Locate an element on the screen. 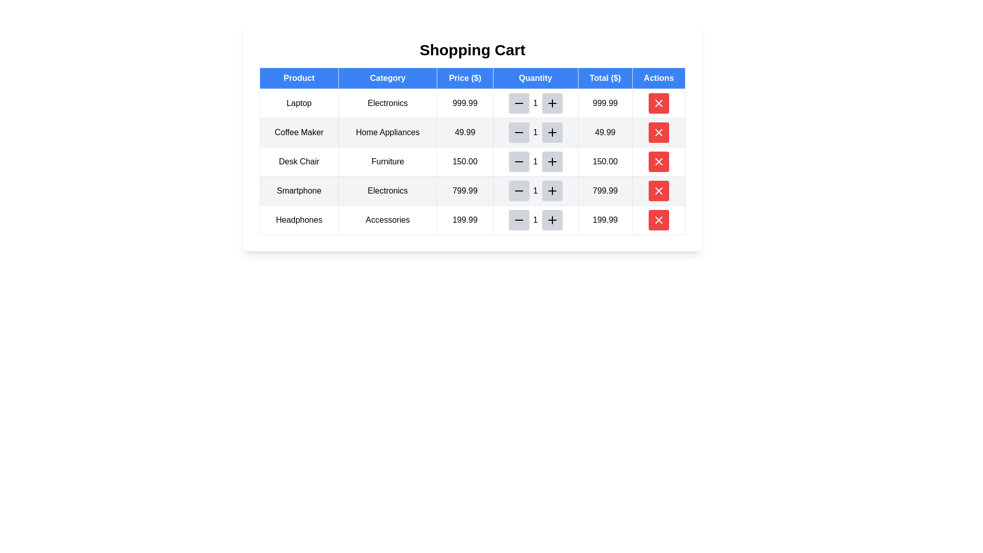  the 'Category' table header, which is the second item in the top row of the table, with a blue background and white bold text is located at coordinates (387, 78).